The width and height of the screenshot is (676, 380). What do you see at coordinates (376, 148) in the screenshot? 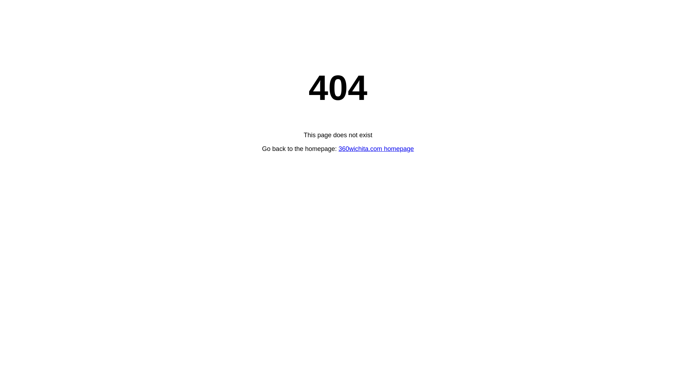
I see `'360wichita.com homepage'` at bounding box center [376, 148].